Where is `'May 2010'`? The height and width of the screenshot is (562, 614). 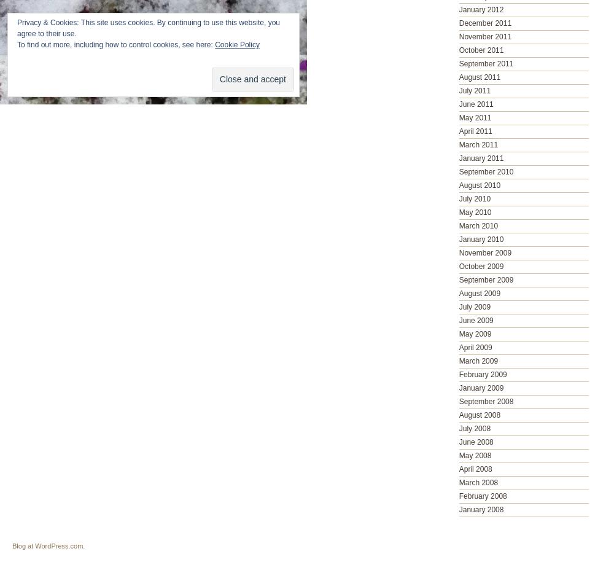 'May 2010' is located at coordinates (458, 212).